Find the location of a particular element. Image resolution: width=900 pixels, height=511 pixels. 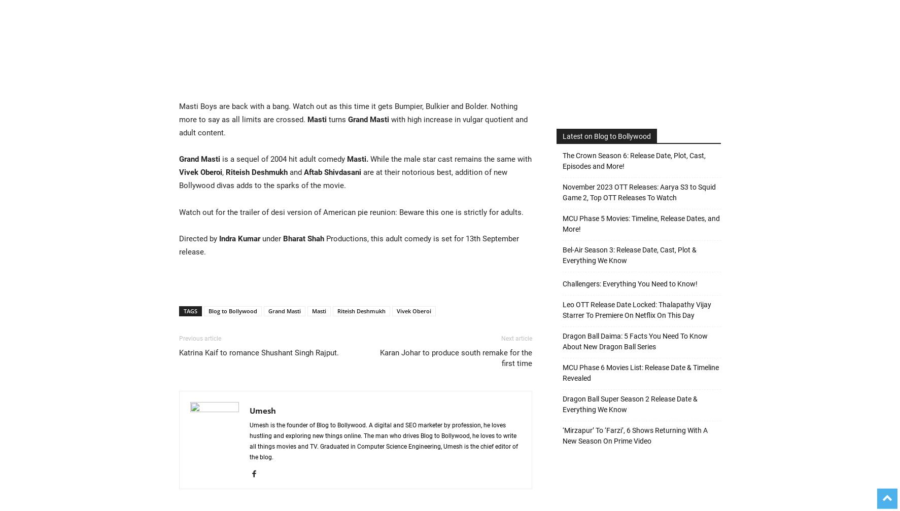

'Indra Kumar' is located at coordinates (239, 238).